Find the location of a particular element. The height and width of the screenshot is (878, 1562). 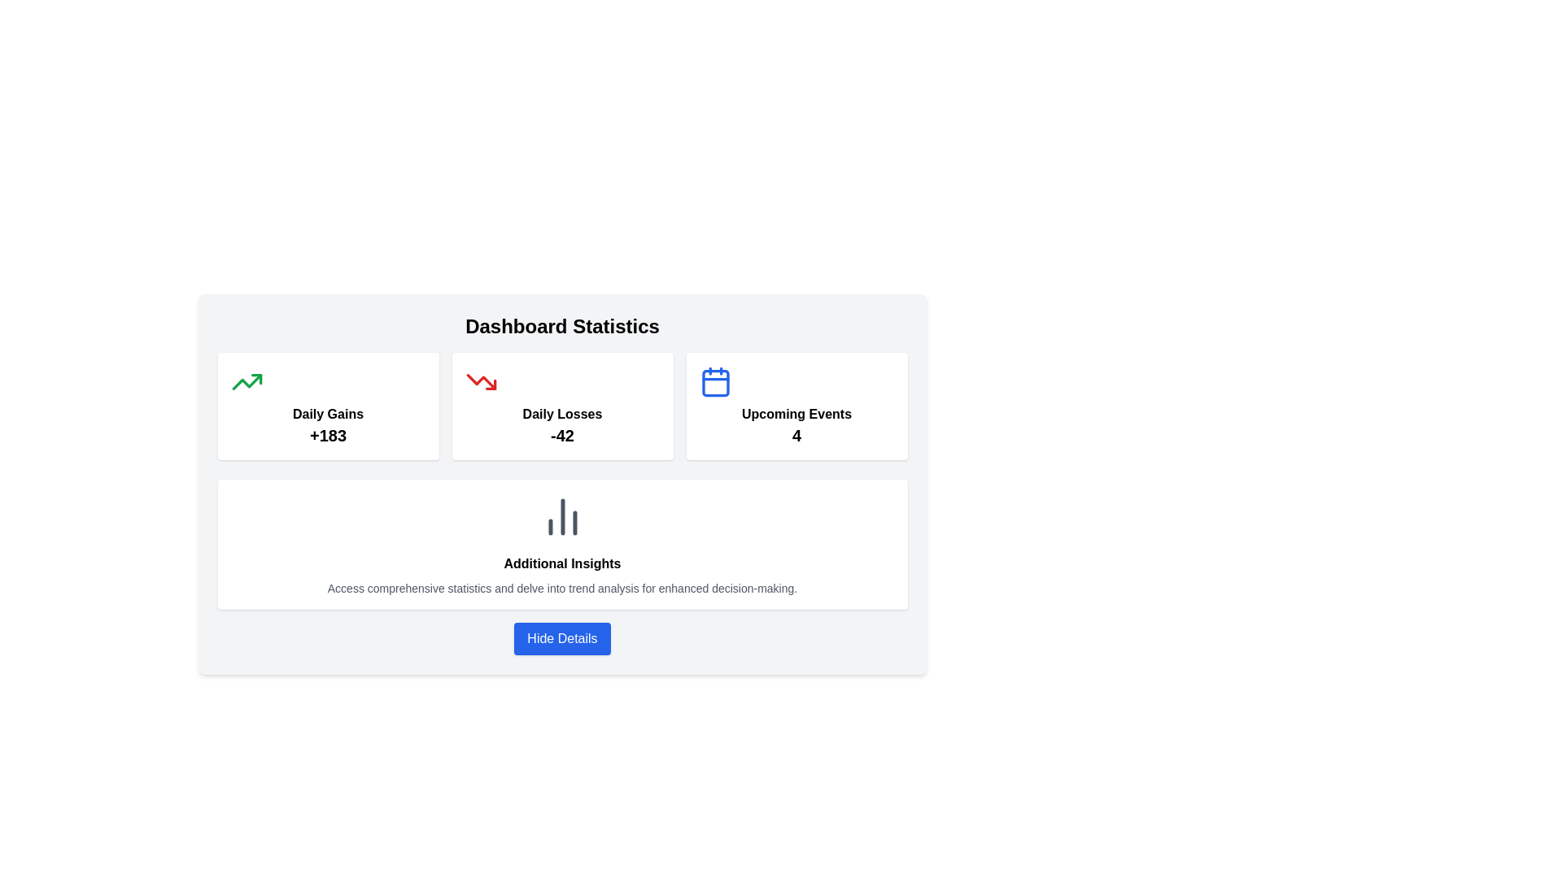

the 'Daily Losses' information display card, which features a white background, rounded corners, and displays the text '-42' in a larger bold font beneath a red downward-trending arrow icon is located at coordinates (562, 406).